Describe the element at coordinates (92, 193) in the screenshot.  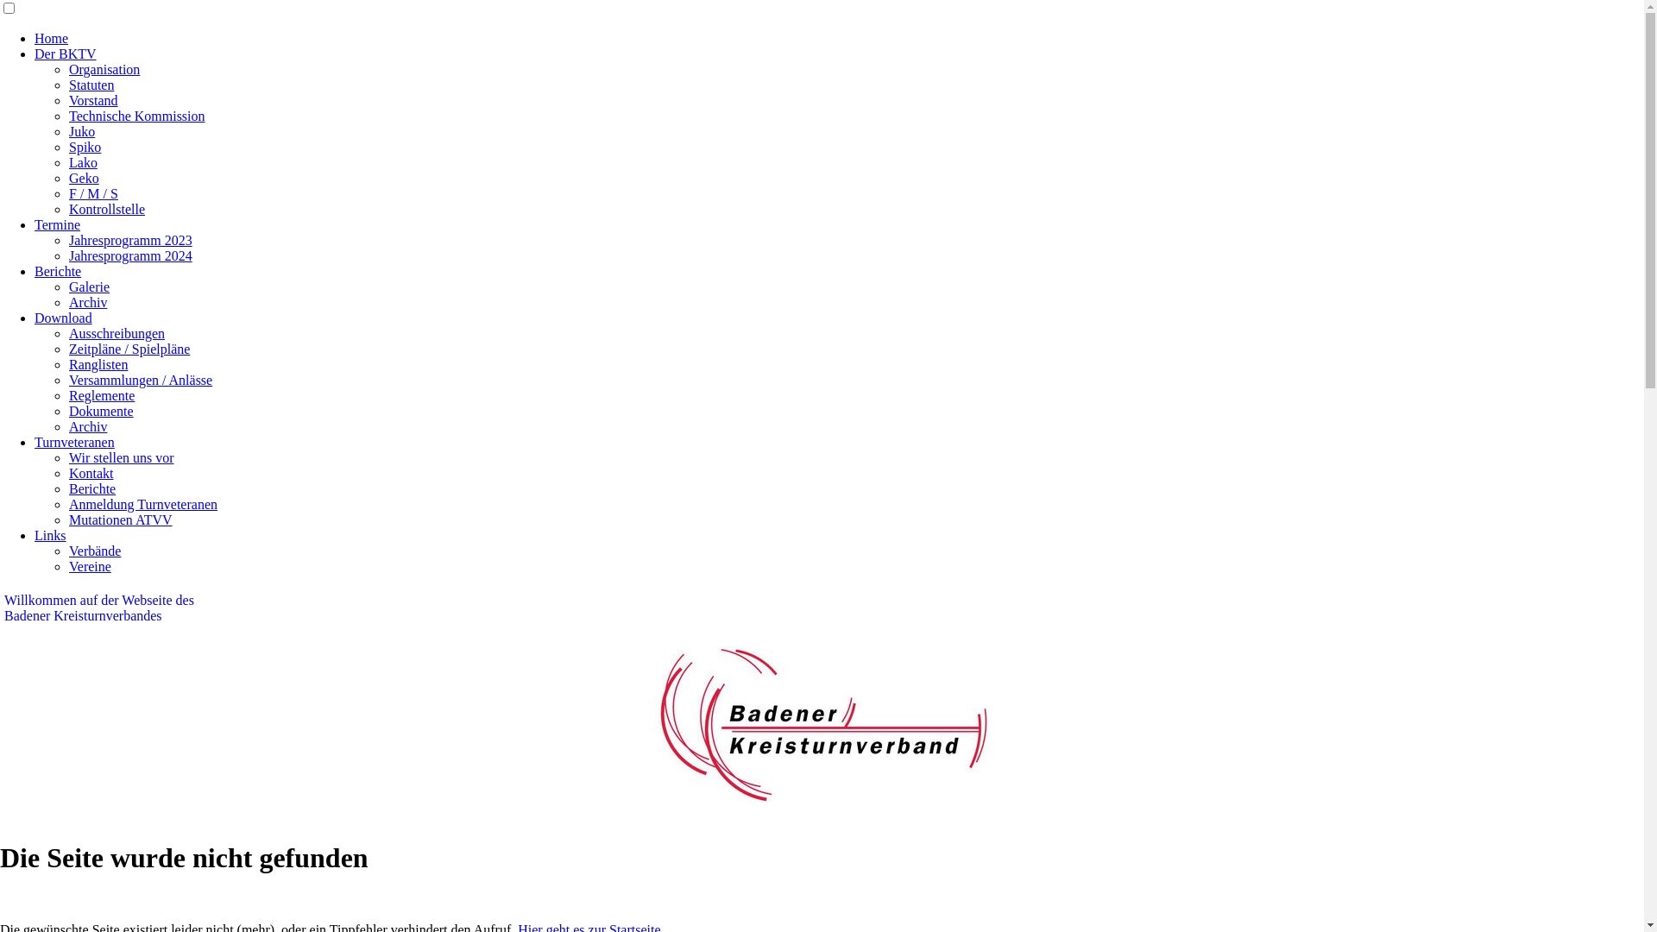
I see `'F / M / S'` at that location.